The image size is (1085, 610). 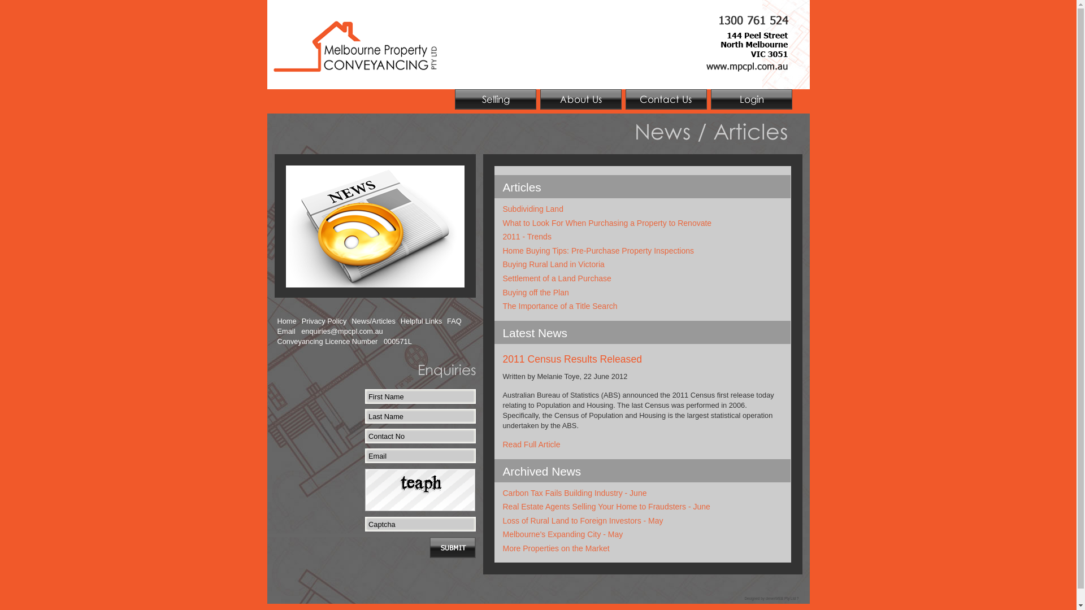 I want to click on 'News/Articles', so click(x=374, y=321).